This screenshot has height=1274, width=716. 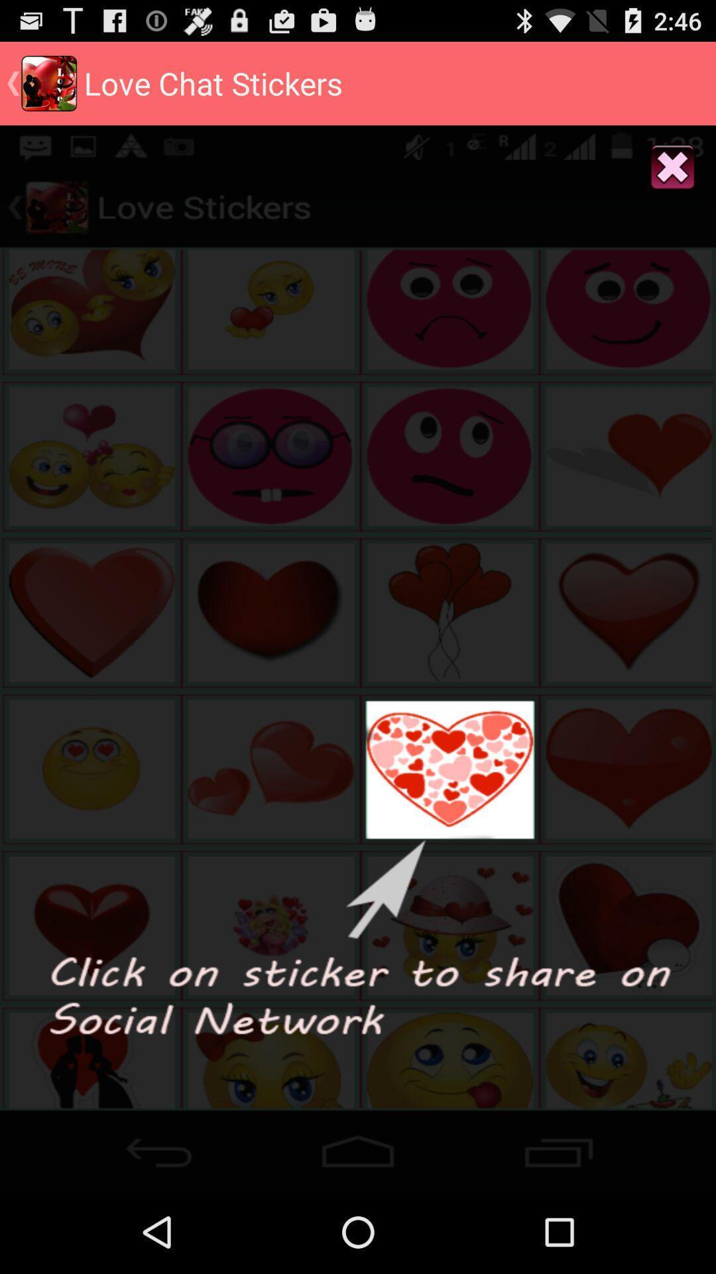 I want to click on close, so click(x=673, y=167).